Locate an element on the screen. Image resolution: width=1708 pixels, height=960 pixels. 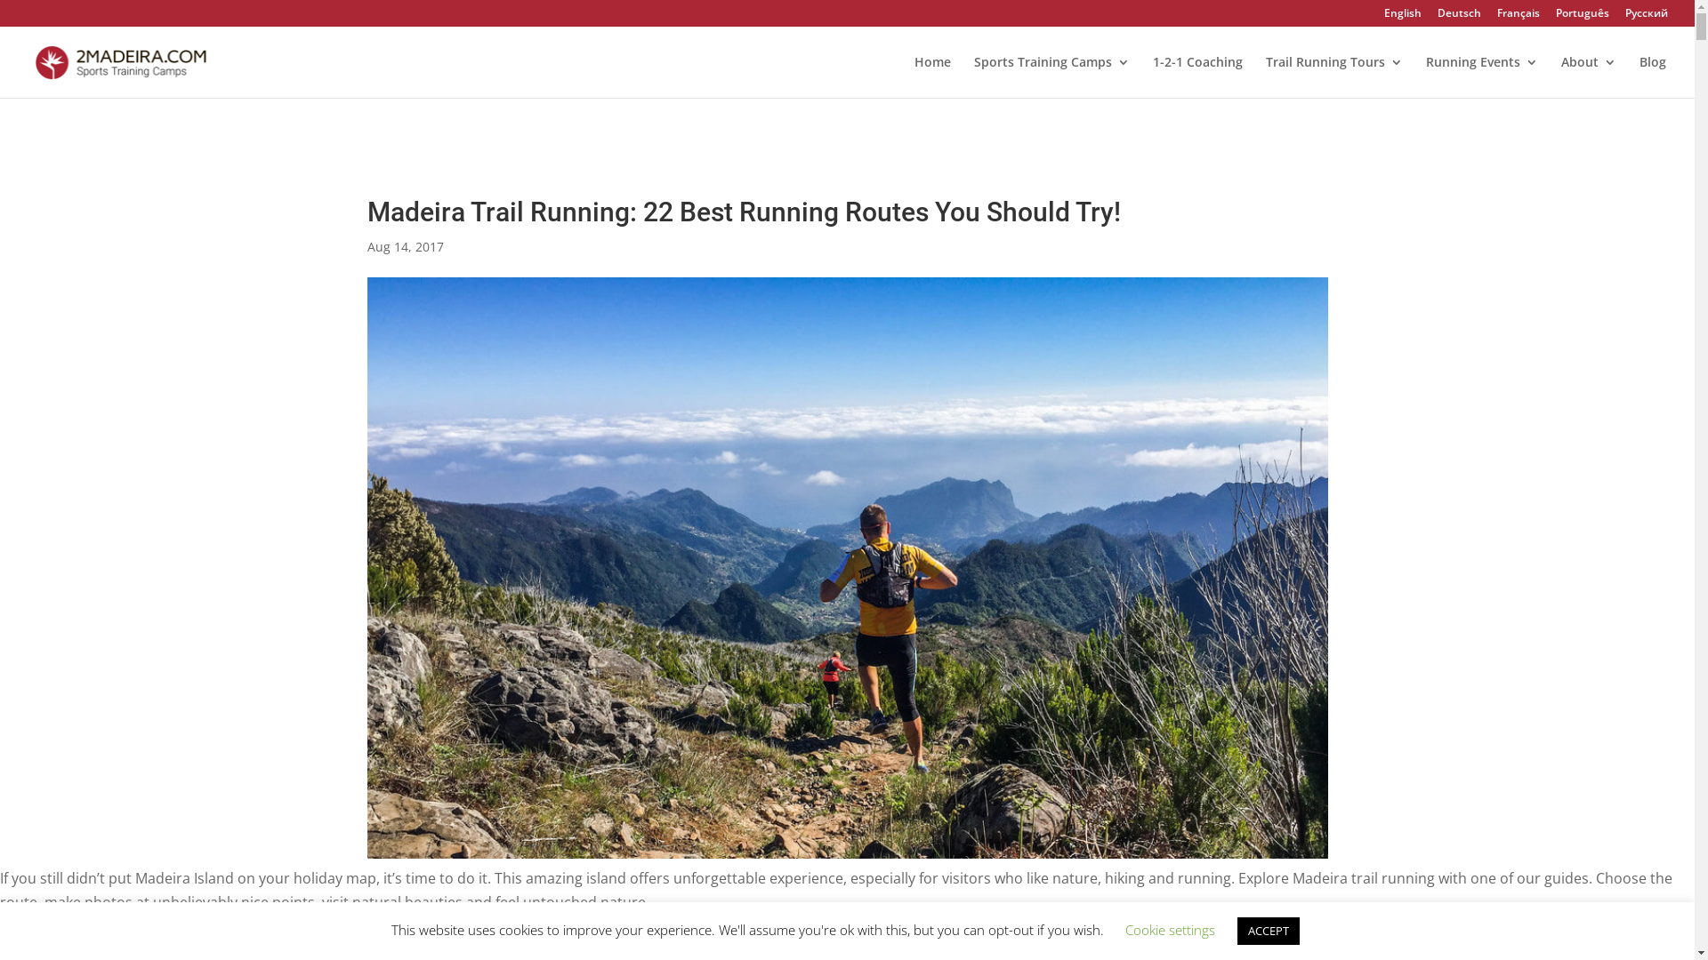
'ACCEPT' is located at coordinates (1267, 930).